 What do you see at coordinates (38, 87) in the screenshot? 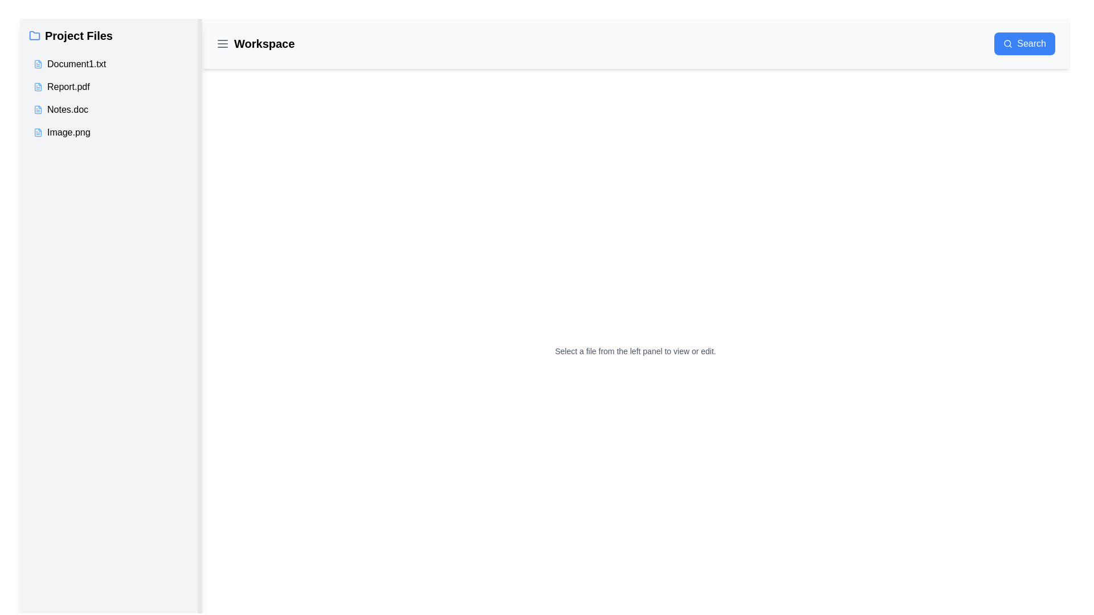
I see `the blue document icon located to the left of the text 'Report.pdf'` at bounding box center [38, 87].